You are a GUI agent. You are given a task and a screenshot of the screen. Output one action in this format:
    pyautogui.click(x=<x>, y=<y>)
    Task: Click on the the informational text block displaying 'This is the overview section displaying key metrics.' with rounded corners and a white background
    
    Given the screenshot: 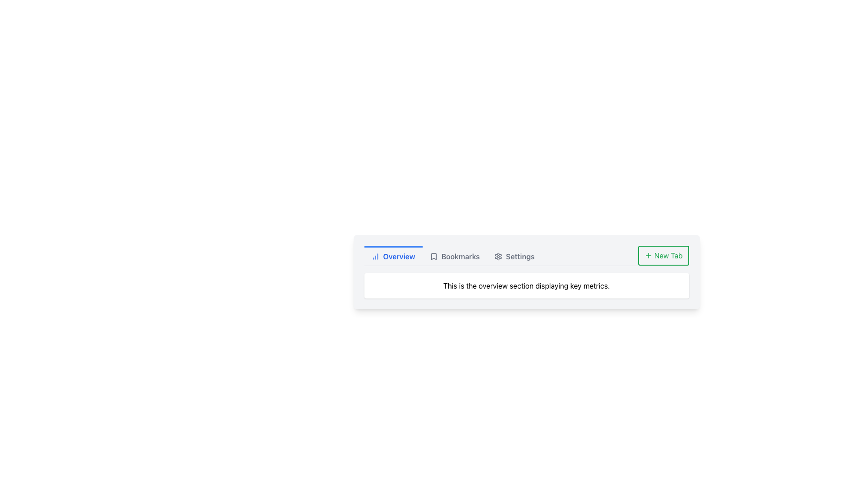 What is the action you would take?
    pyautogui.click(x=526, y=285)
    